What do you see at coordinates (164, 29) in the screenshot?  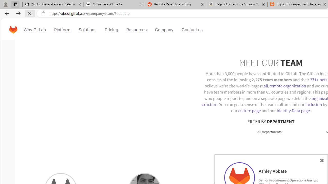 I see `'Company'` at bounding box center [164, 29].